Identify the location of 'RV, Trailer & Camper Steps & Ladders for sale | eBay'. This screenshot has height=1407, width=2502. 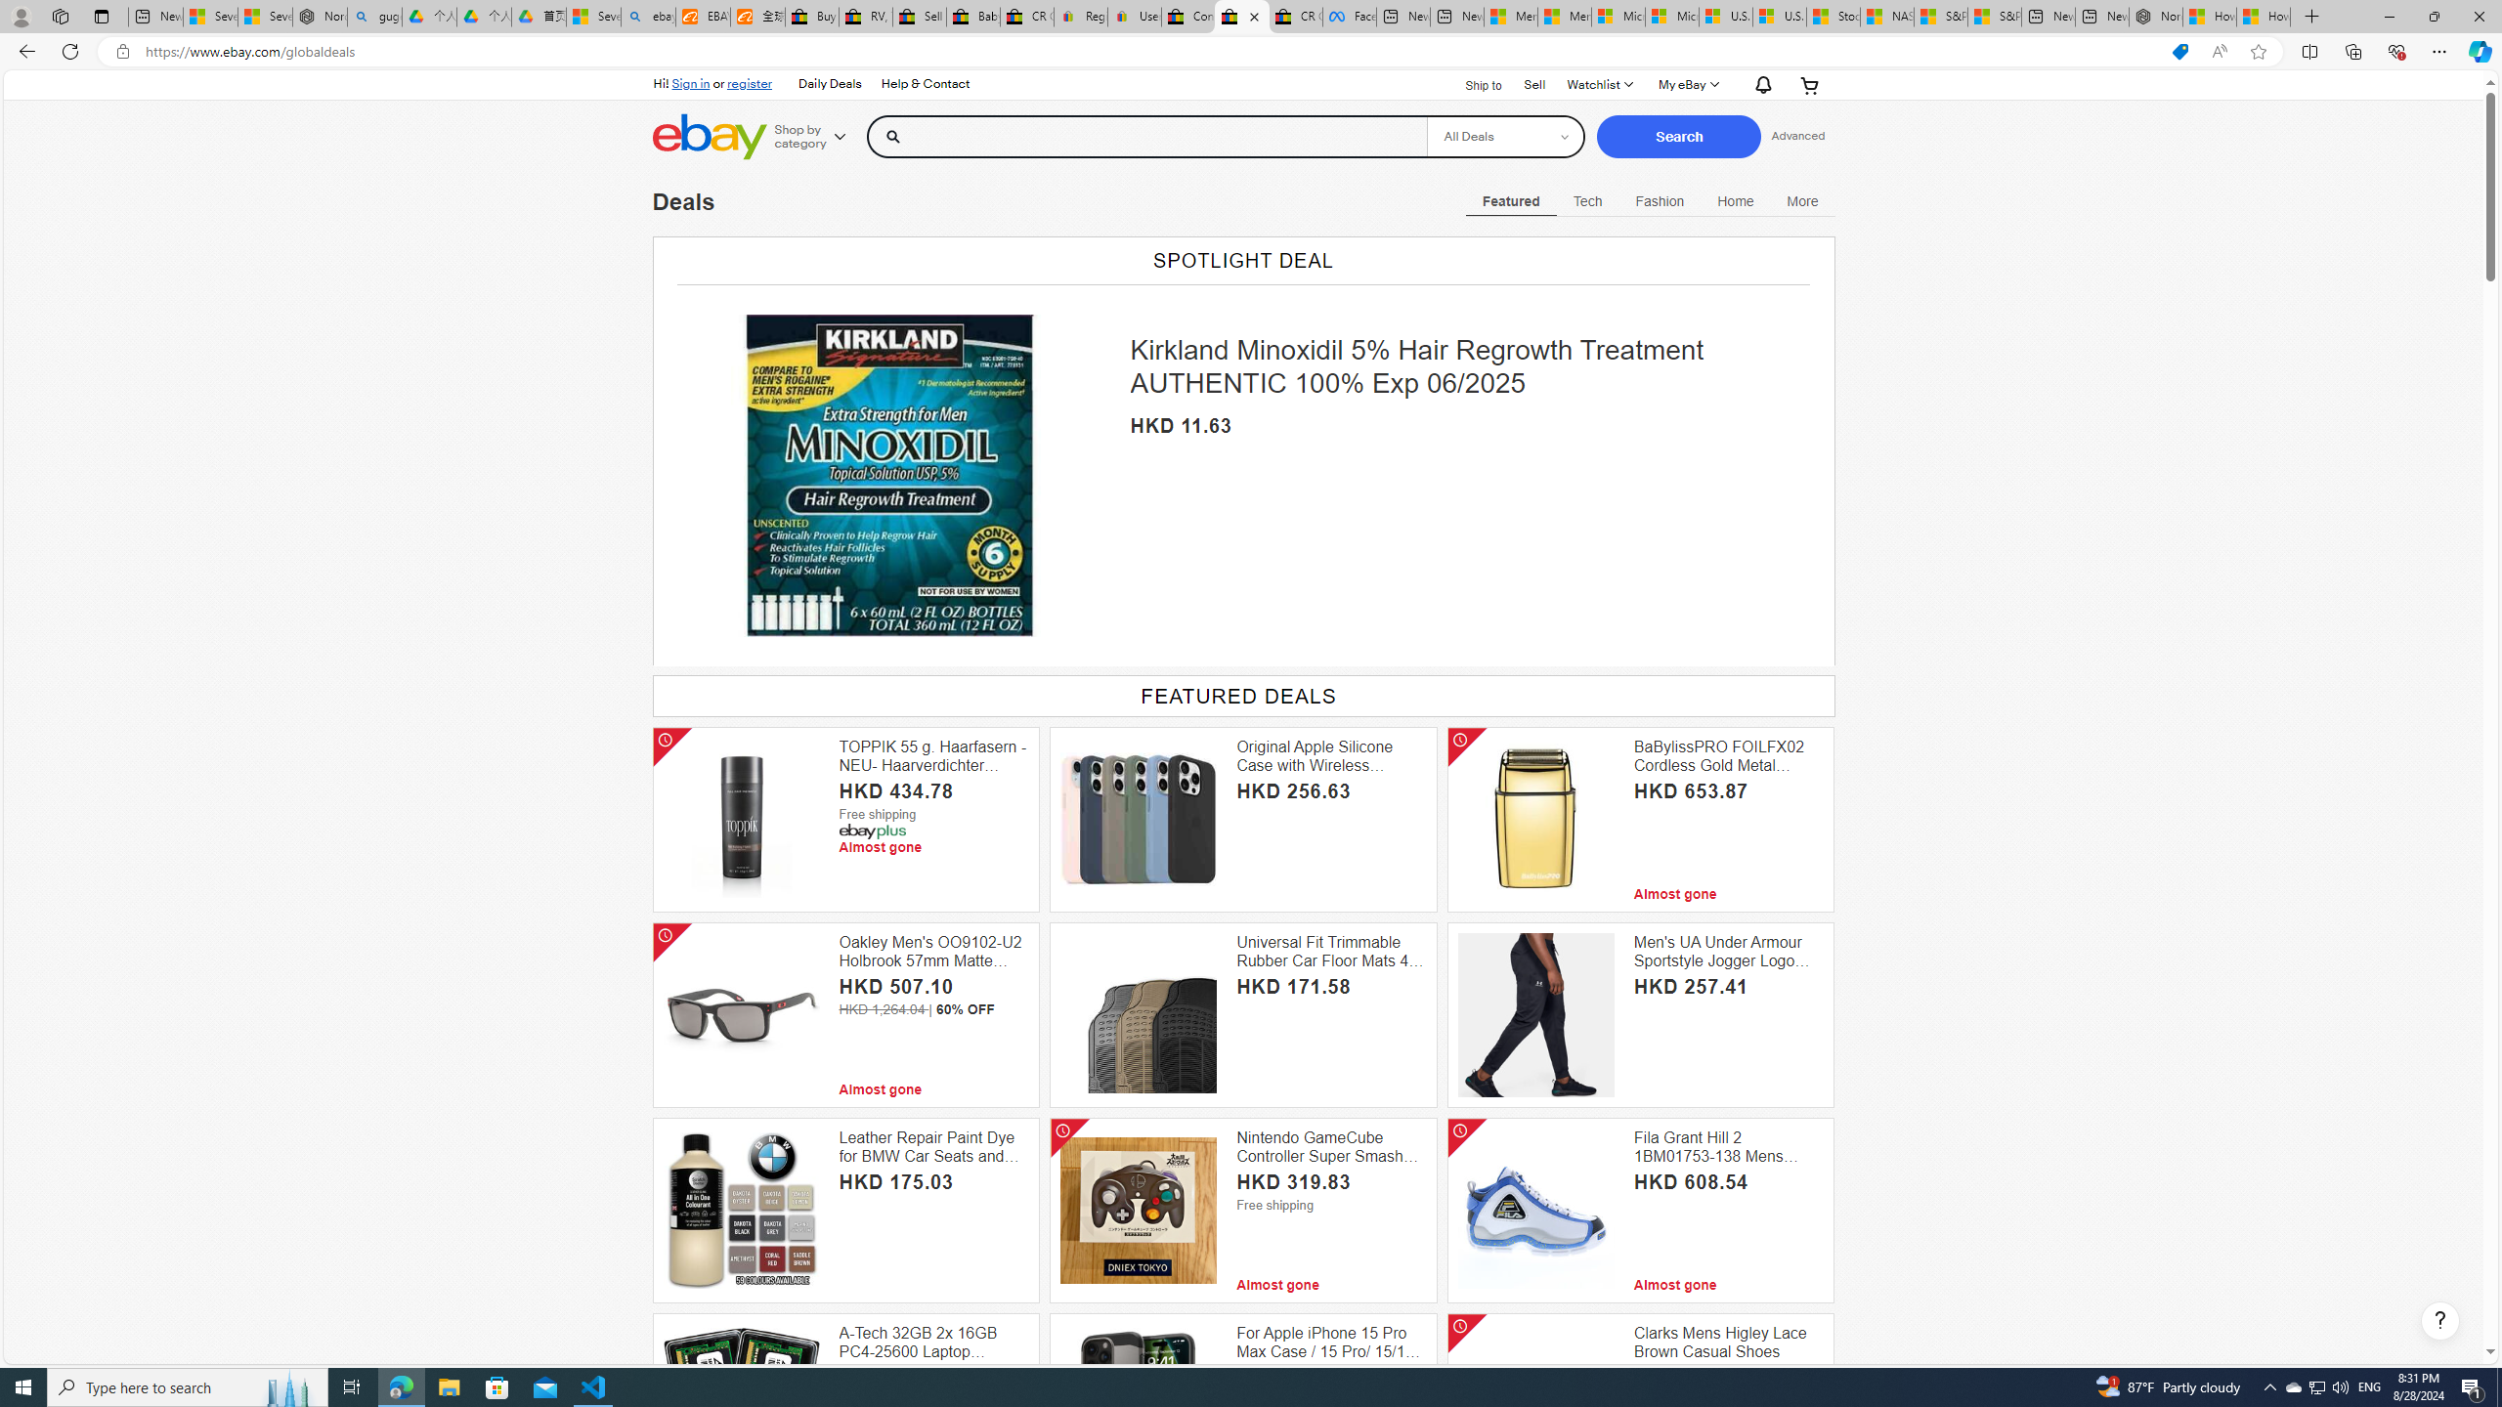
(864, 16).